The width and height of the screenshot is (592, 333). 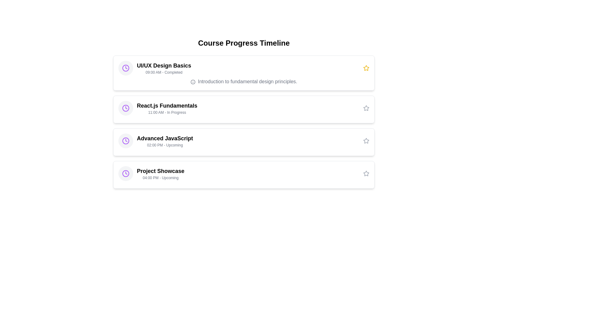 I want to click on the star-shaped icon button located within the course progress list, so click(x=366, y=173).